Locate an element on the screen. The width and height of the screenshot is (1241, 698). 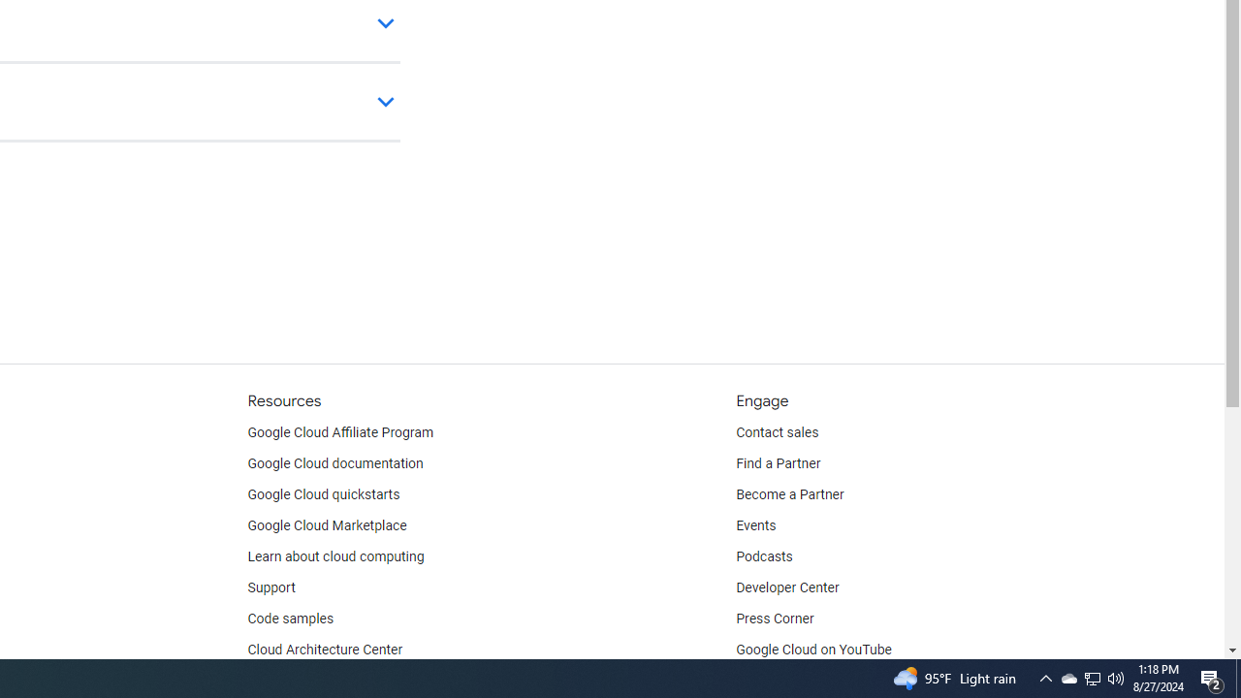
'Support' is located at coordinates (270, 587).